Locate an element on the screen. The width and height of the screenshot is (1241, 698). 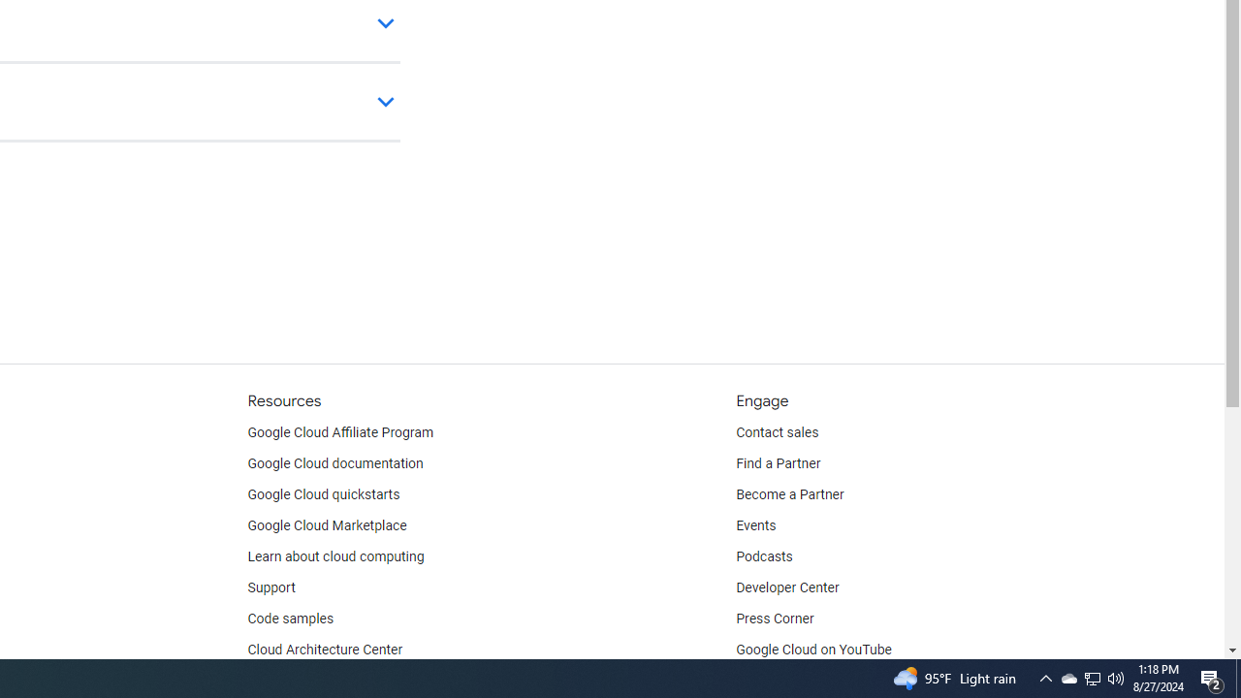
'Support' is located at coordinates (270, 587).